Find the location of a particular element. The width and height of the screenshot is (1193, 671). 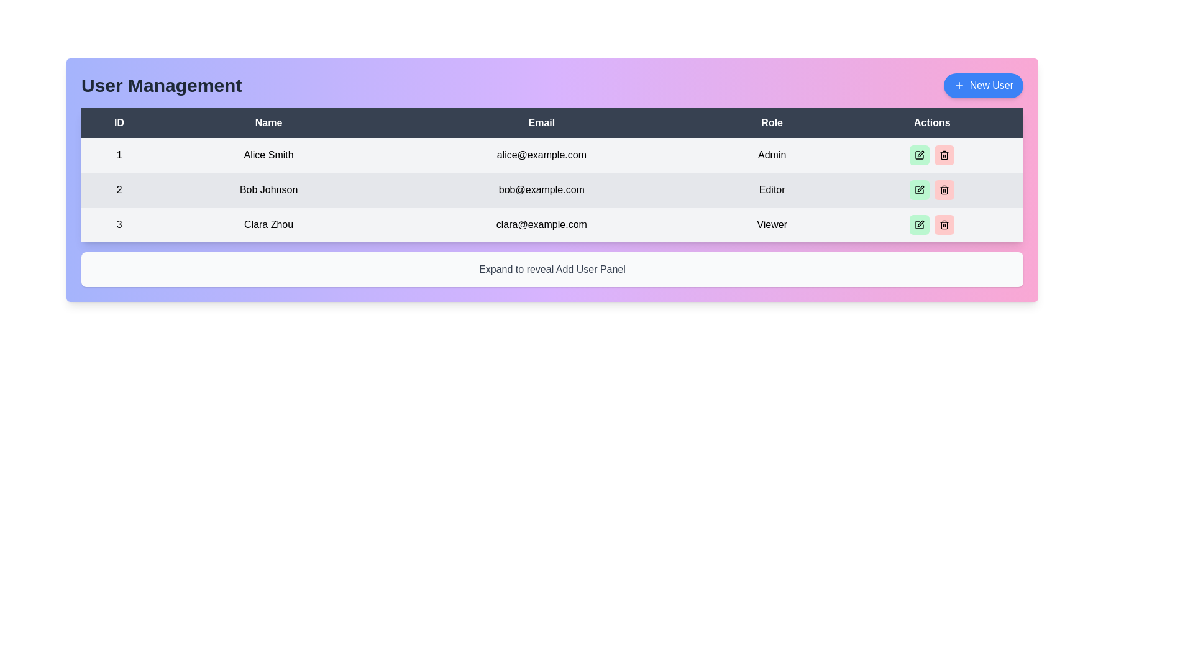

the text label displaying the email address 'Alice Smith' located in the third column of the user management table is located at coordinates (541, 155).